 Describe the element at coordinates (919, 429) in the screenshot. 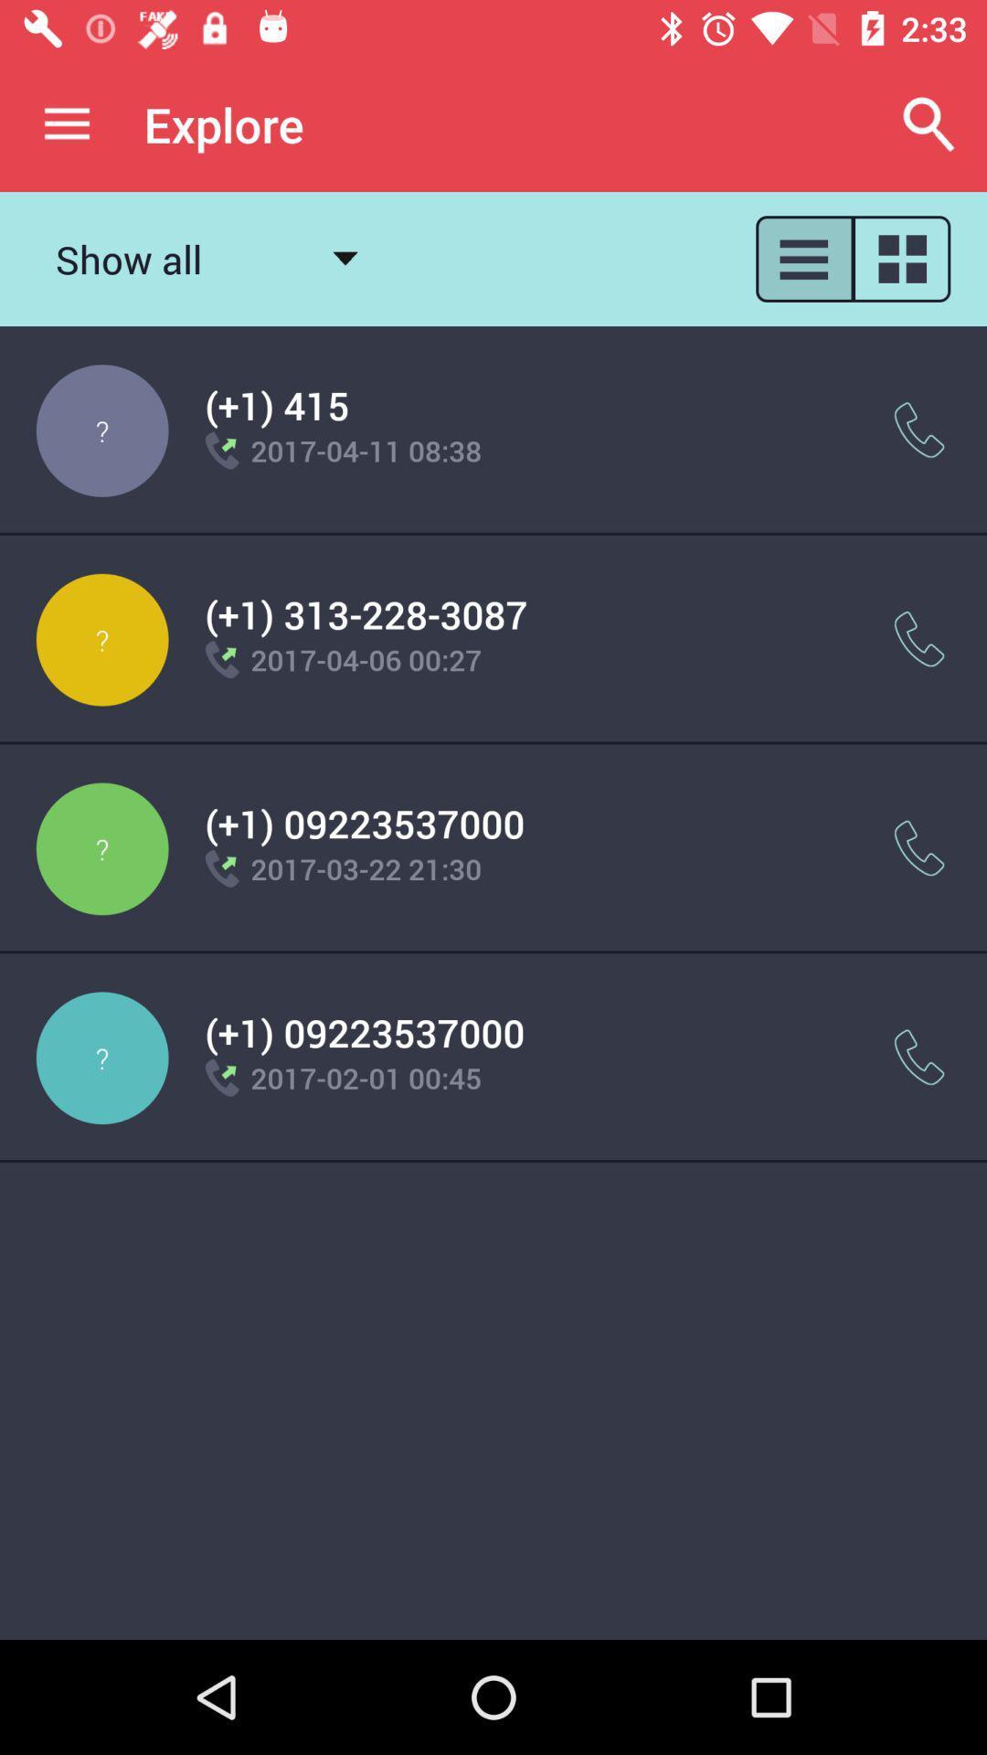

I see `phone call` at that location.